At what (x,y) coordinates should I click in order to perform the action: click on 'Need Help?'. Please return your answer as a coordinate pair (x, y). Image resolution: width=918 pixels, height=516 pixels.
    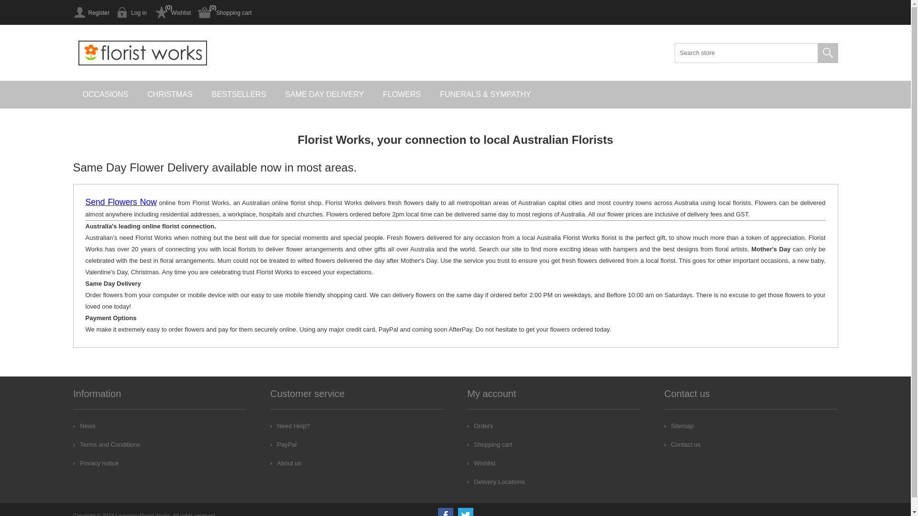
    Looking at the image, I should click on (289, 425).